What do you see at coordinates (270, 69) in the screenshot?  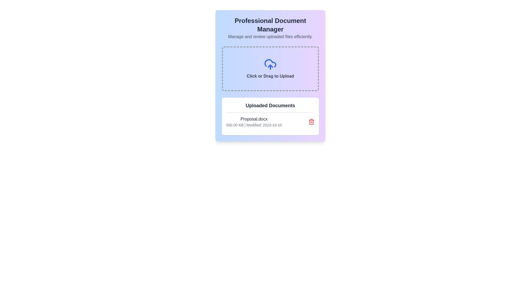 I see `the interactive upload button labeled 'Click or Drag to Upload'` at bounding box center [270, 69].